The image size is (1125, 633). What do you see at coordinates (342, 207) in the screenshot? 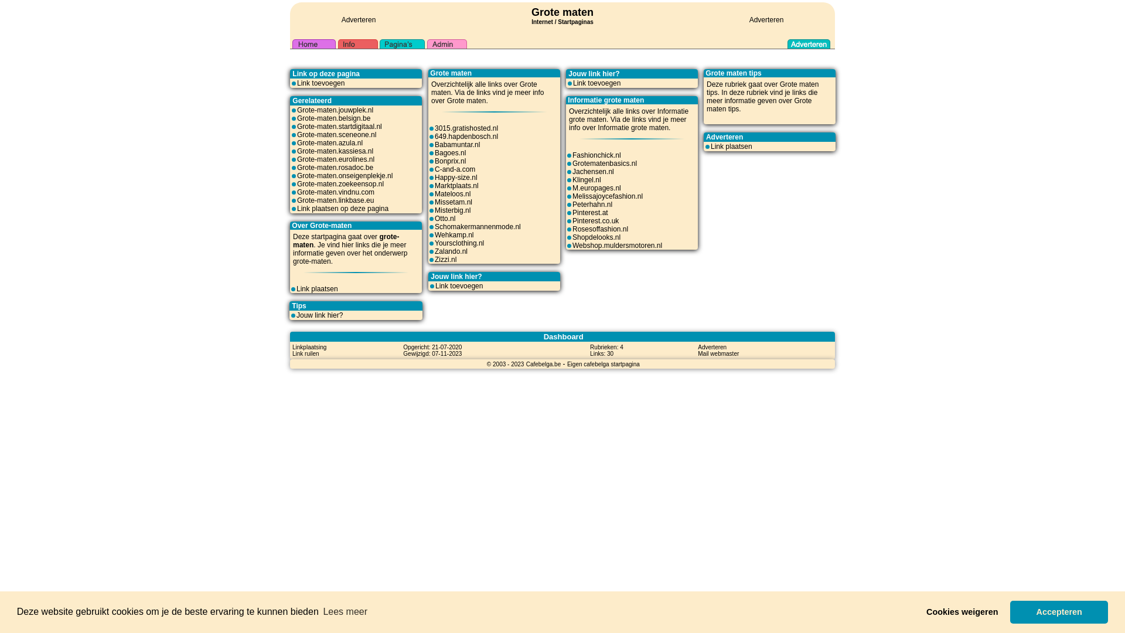
I see `'Link plaatsen op deze pagina'` at bounding box center [342, 207].